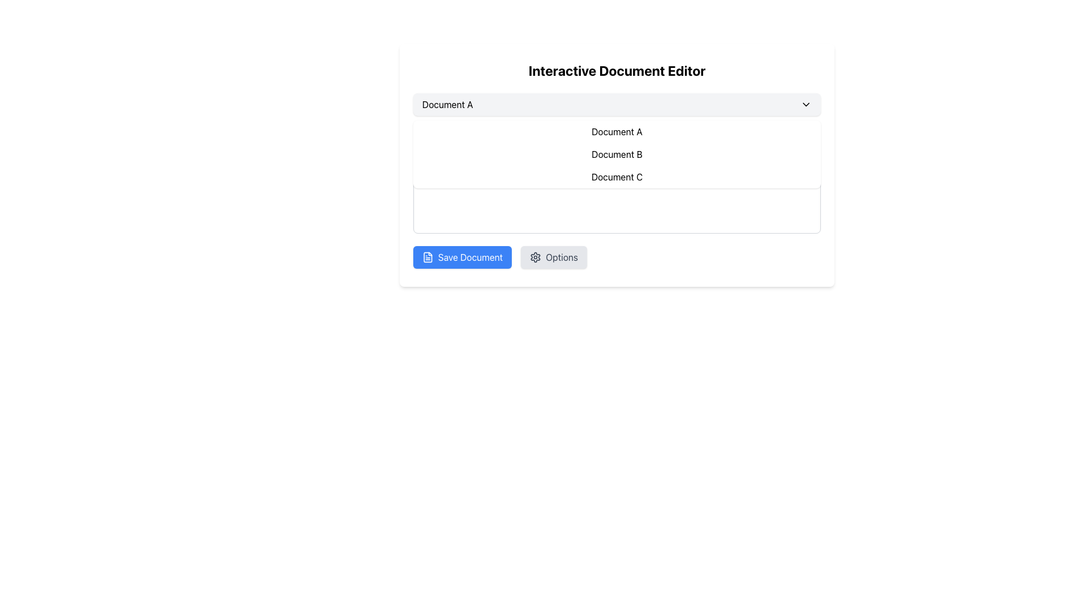 This screenshot has height=611, width=1087. I want to click on the cogwheel-shaped settings icon located at the bottom-right corner of the interface, so click(535, 257).